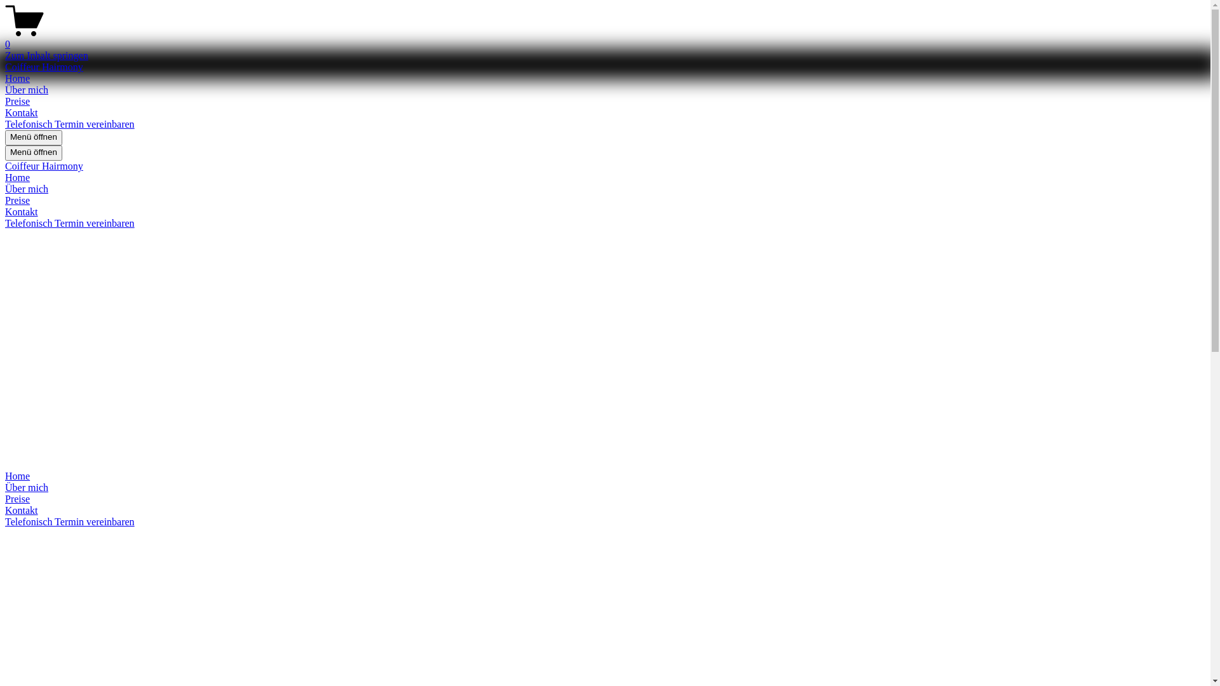 The width and height of the screenshot is (1220, 686). What do you see at coordinates (69, 222) in the screenshot?
I see `'Telefonisch Termin vereinbaren'` at bounding box center [69, 222].